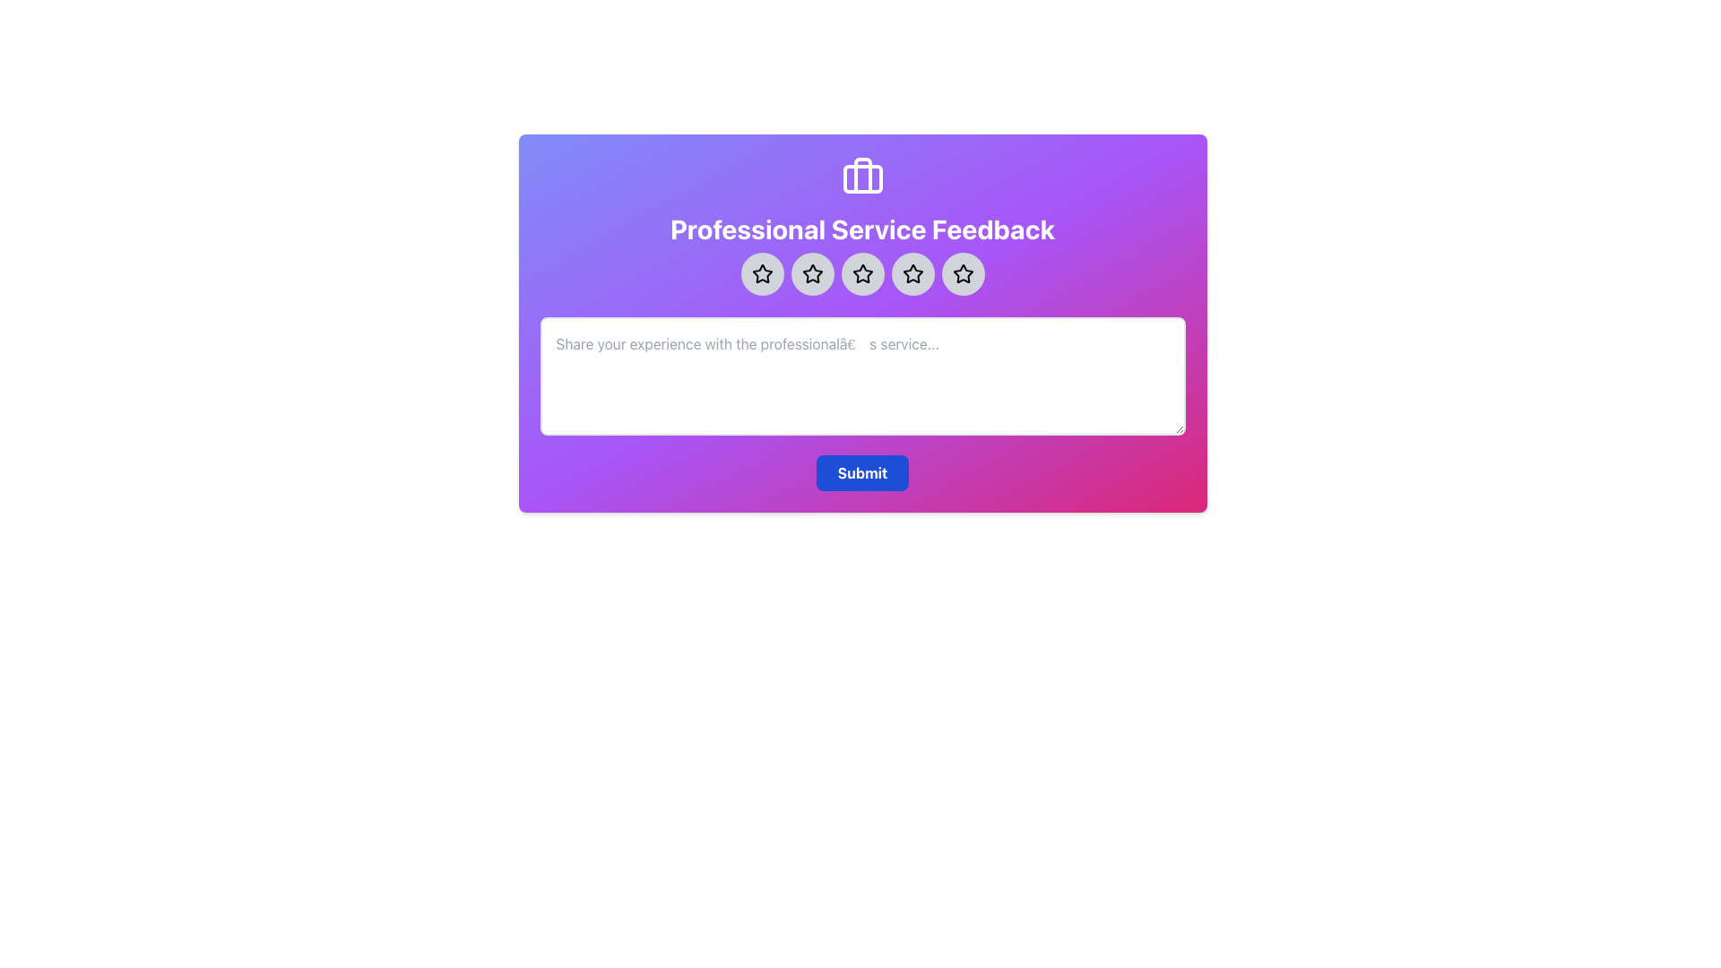 The width and height of the screenshot is (1721, 968). I want to click on the second star rating button located horizontally aligned below the 'Professional Service Feedback' title, so click(811, 273).